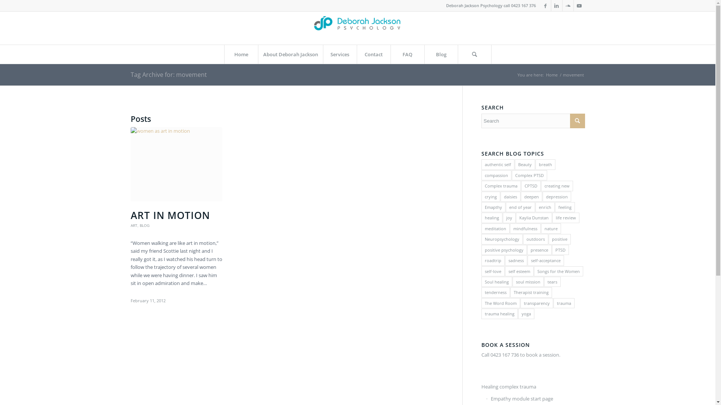 The width and height of the screenshot is (721, 405). What do you see at coordinates (565, 207) in the screenshot?
I see `'feeling'` at bounding box center [565, 207].